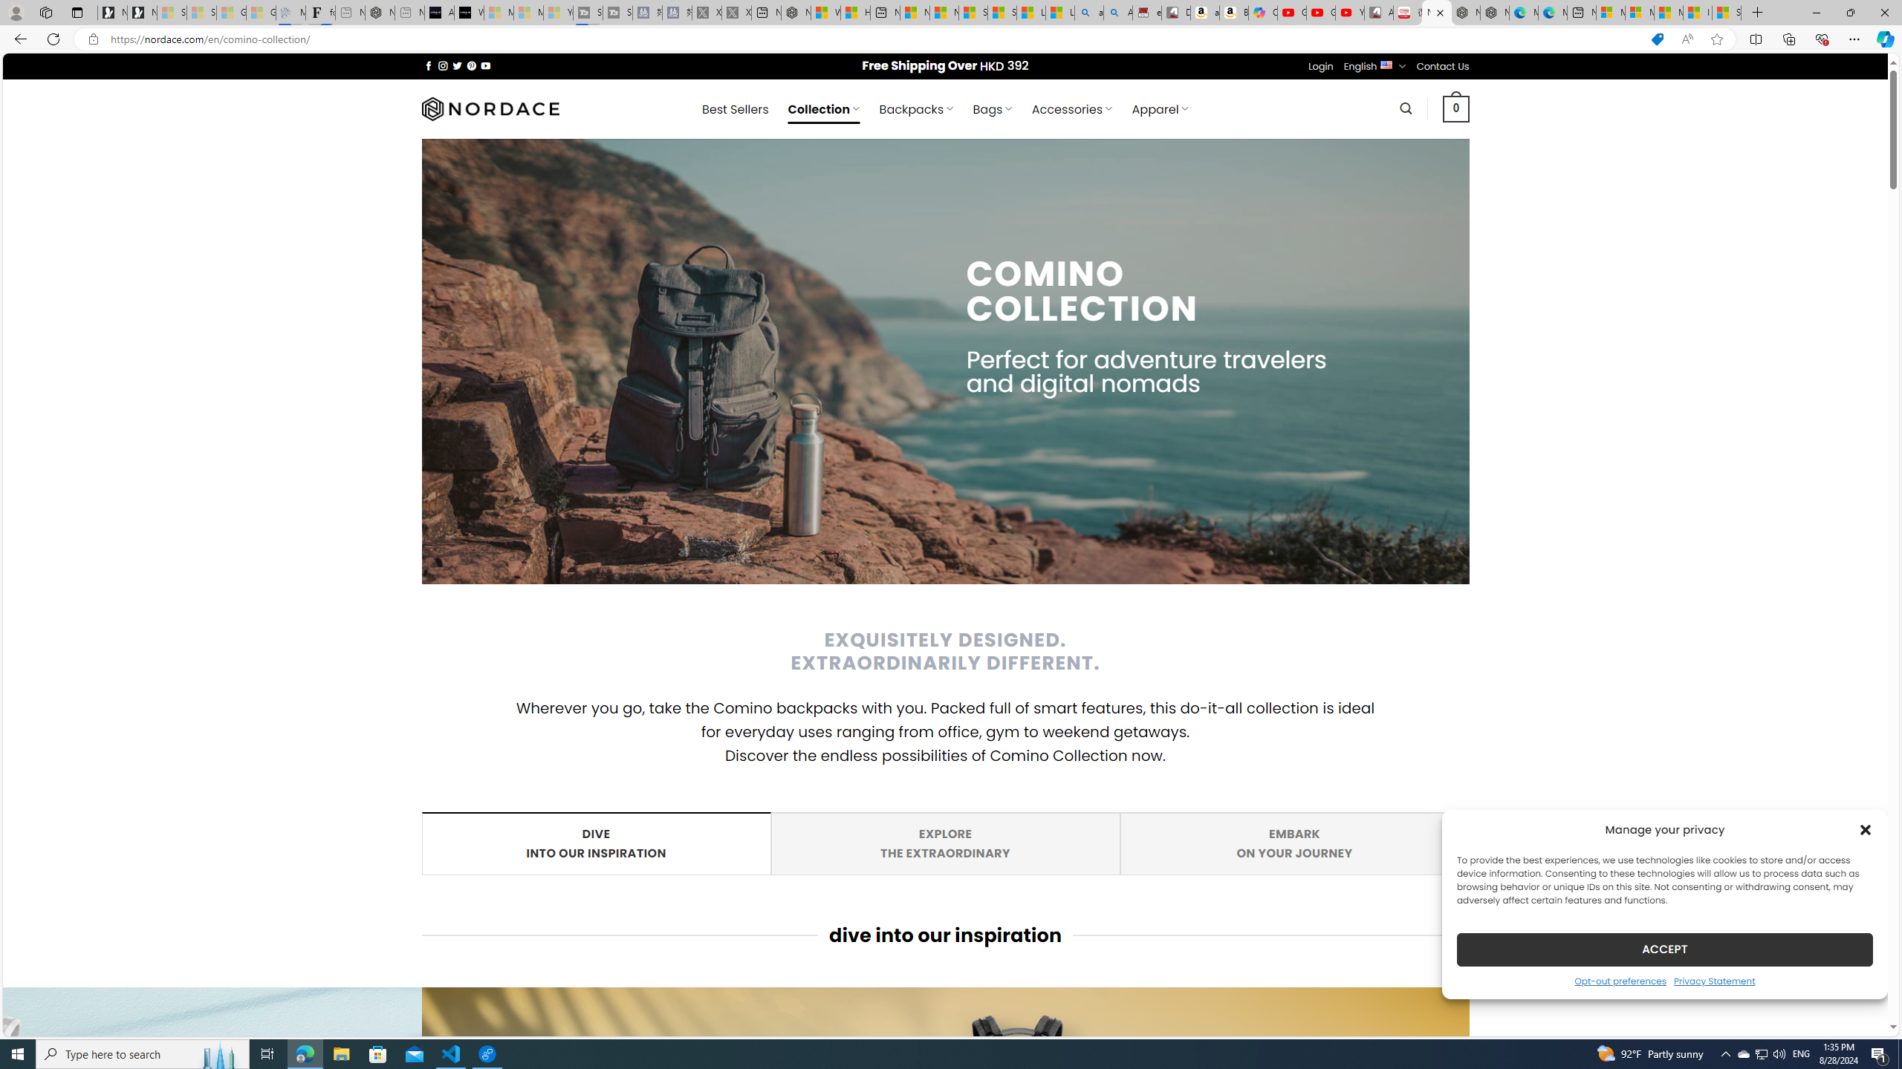 This screenshot has width=1902, height=1069. Describe the element at coordinates (1262, 12) in the screenshot. I see `'Copilot'` at that location.